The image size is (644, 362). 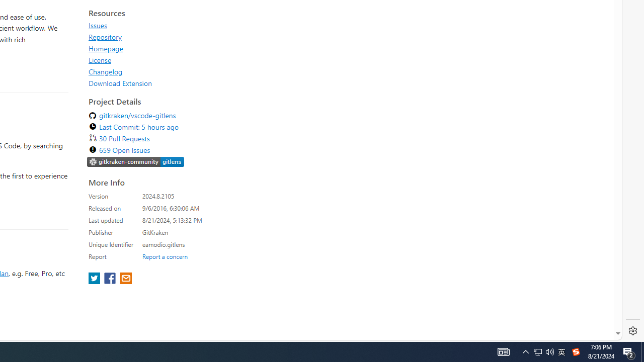 What do you see at coordinates (120, 82) in the screenshot?
I see `'Download Extension'` at bounding box center [120, 82].